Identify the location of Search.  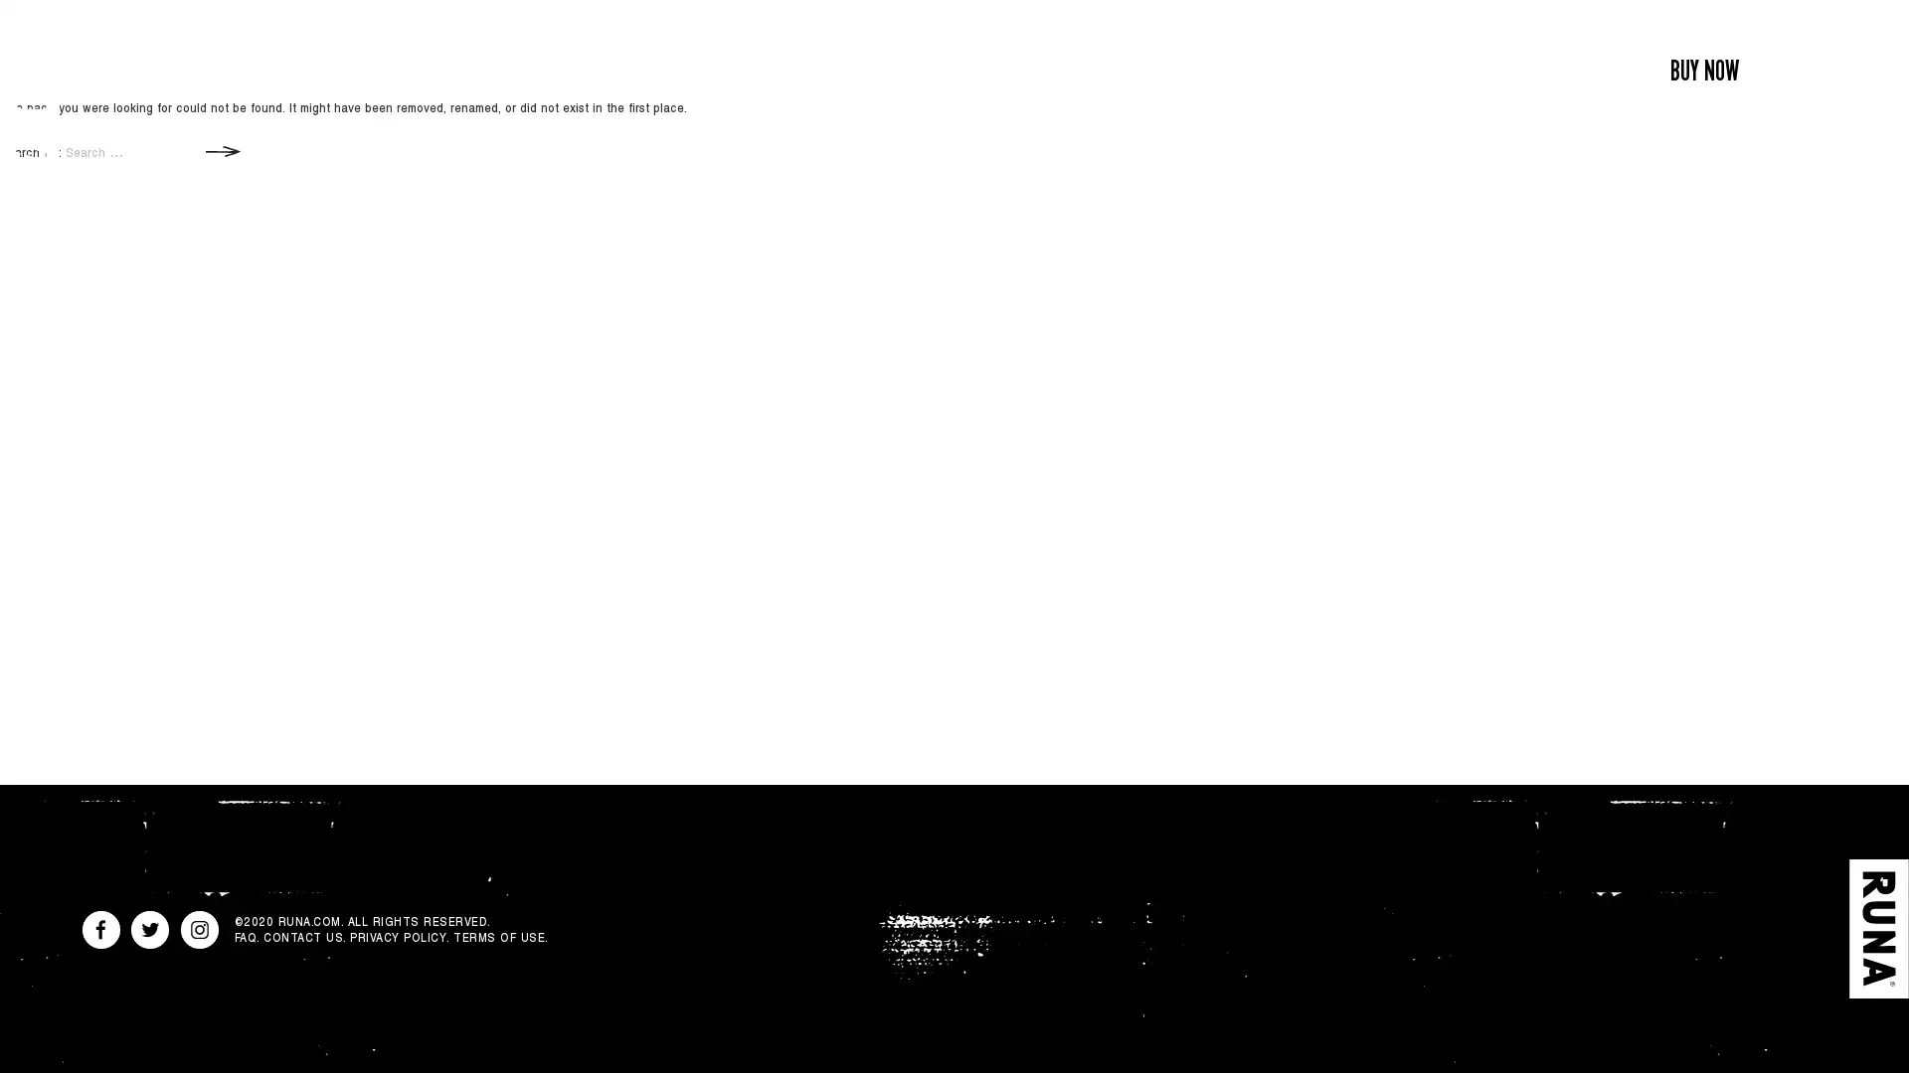
(223, 150).